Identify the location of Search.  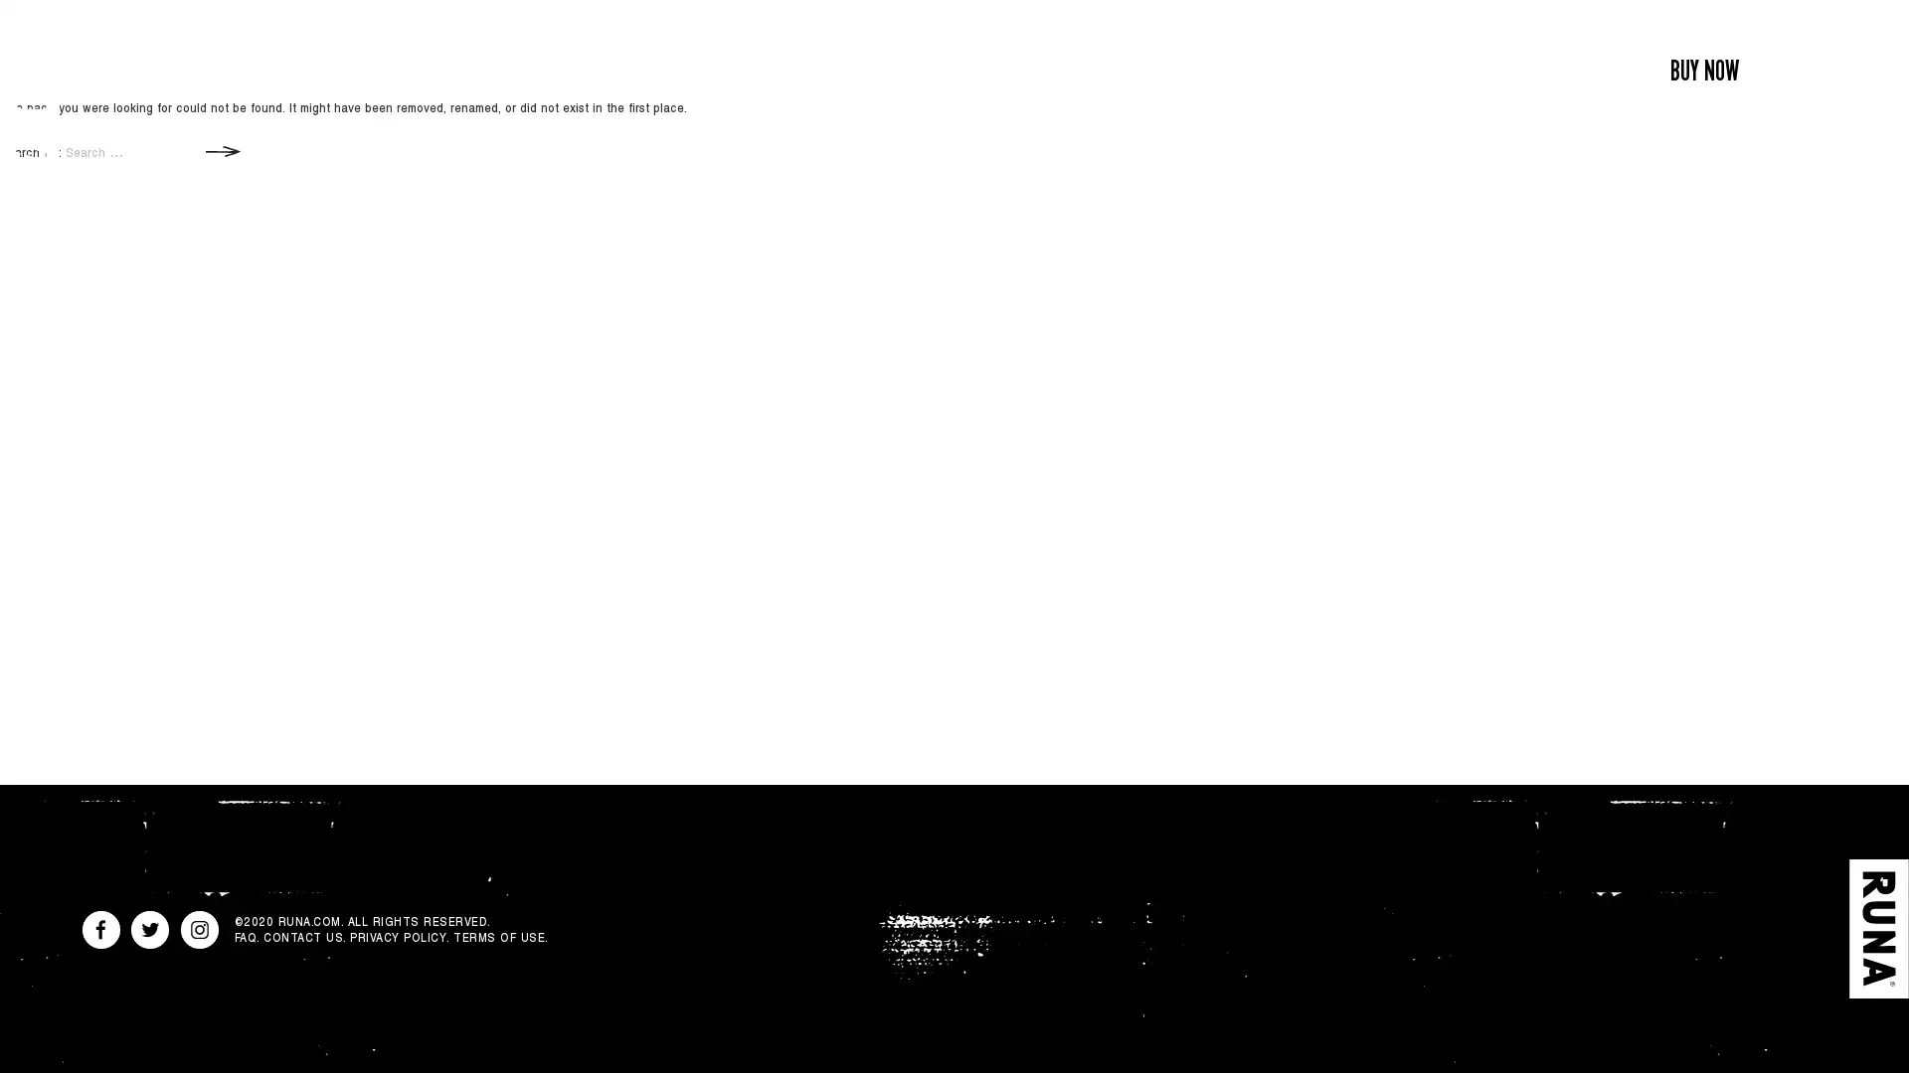
(223, 150).